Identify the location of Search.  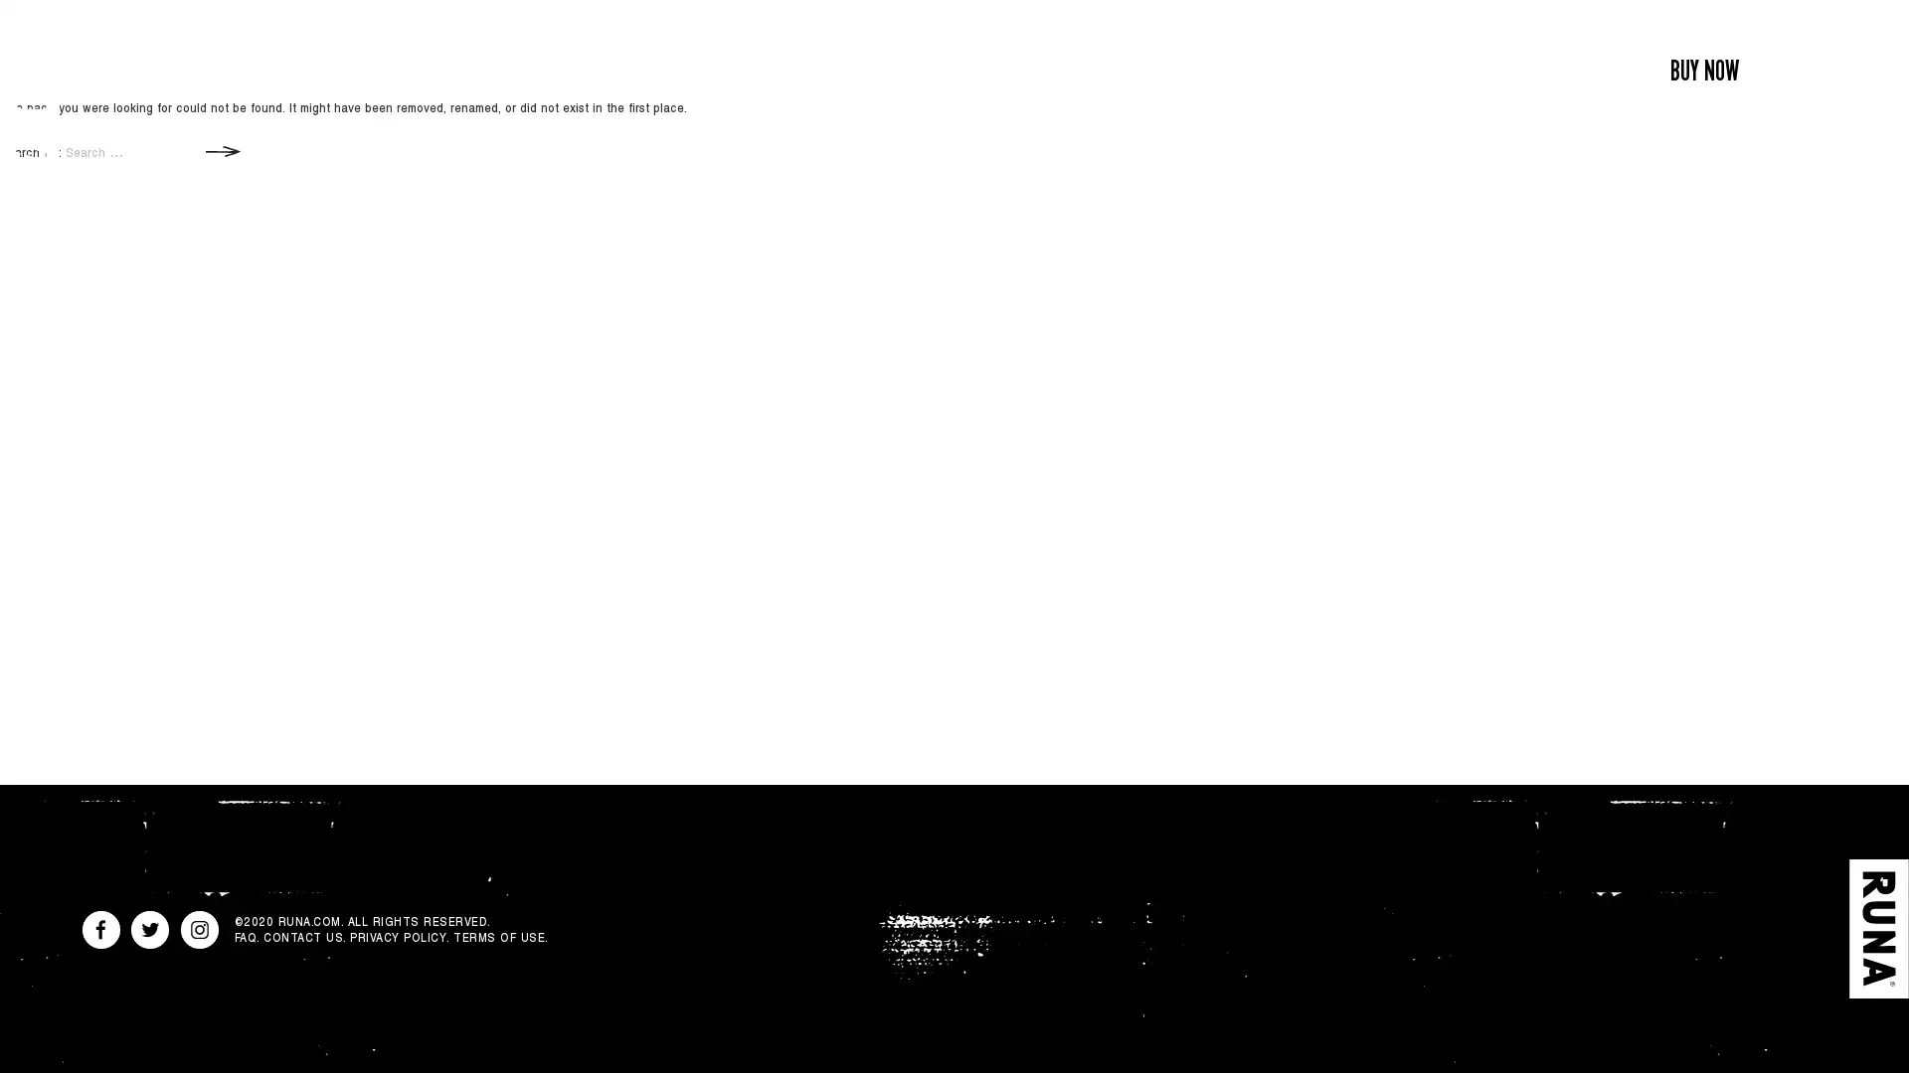
(223, 150).